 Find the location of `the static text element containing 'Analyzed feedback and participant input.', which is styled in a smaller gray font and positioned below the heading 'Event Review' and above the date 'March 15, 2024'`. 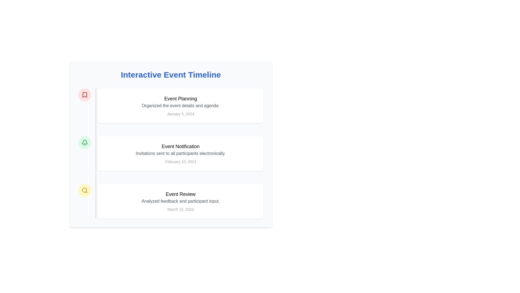

the static text element containing 'Analyzed feedback and participant input.', which is styled in a smaller gray font and positioned below the heading 'Event Review' and above the date 'March 15, 2024' is located at coordinates (181, 201).